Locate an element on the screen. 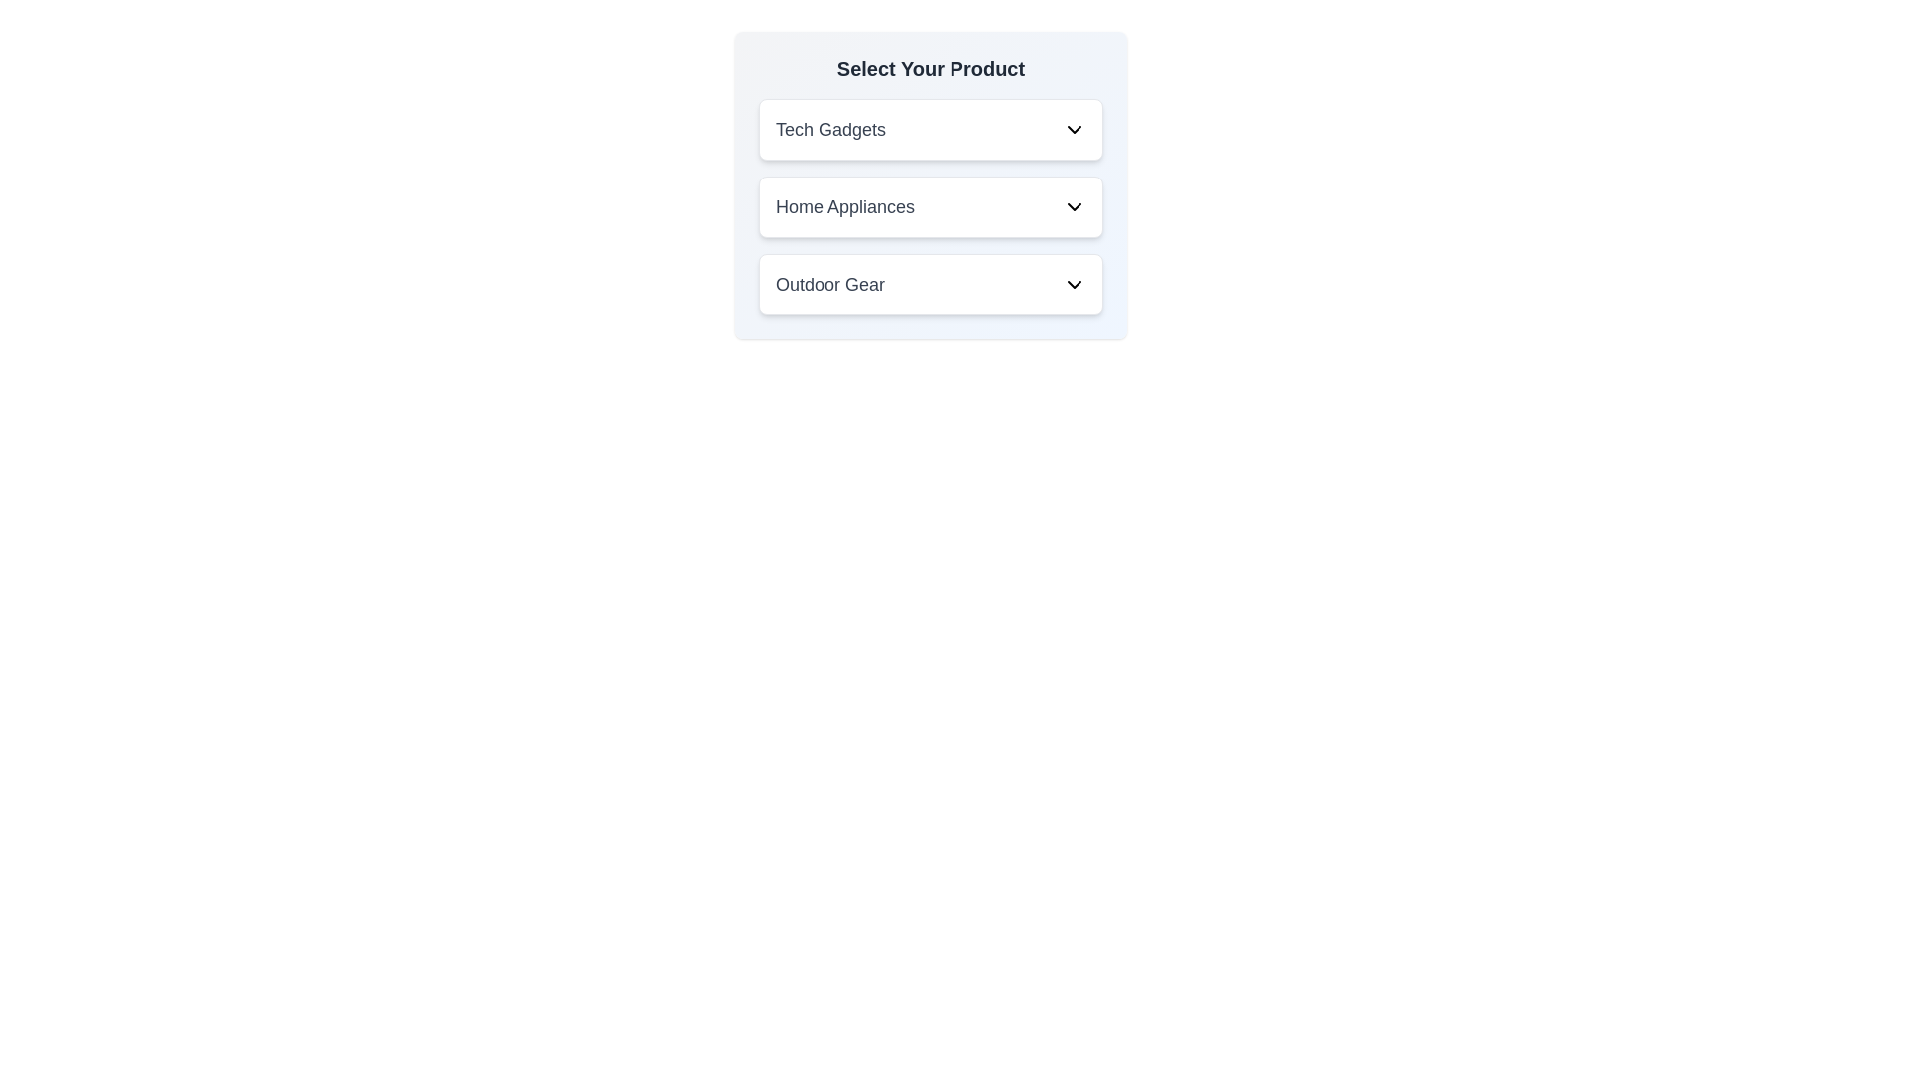 The width and height of the screenshot is (1905, 1071). the 'Home Appliances' text label, which is a selectable option in the dropdown menu that expands or collapses further options is located at coordinates (845, 206).